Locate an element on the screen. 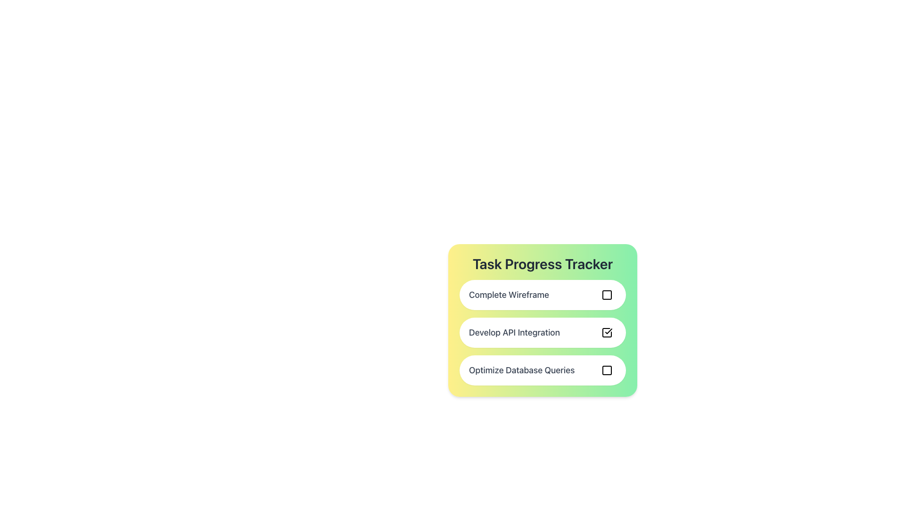 The height and width of the screenshot is (509, 905). the small red-bordered square icon located to the right of the text 'Complete Wireframe' in the Task Progress Tracker list is located at coordinates (607, 294).